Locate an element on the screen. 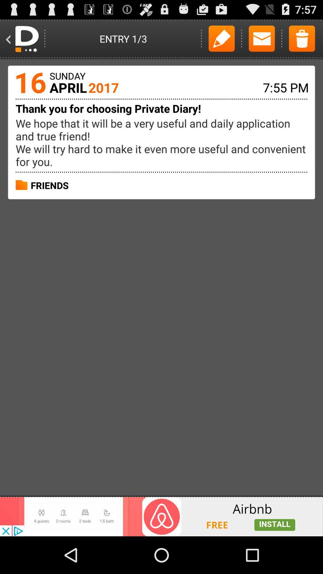 The height and width of the screenshot is (574, 323). the dotted lines which is in between message and delete button is located at coordinates (282, 38).